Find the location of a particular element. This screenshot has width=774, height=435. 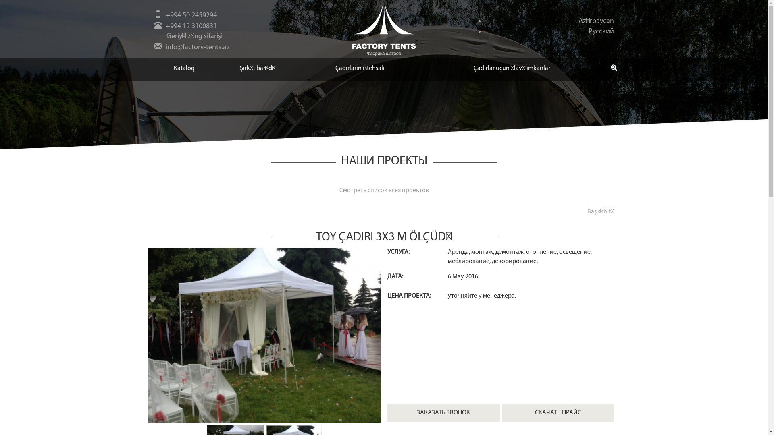

'+994 50 2459294' is located at coordinates (190, 15).